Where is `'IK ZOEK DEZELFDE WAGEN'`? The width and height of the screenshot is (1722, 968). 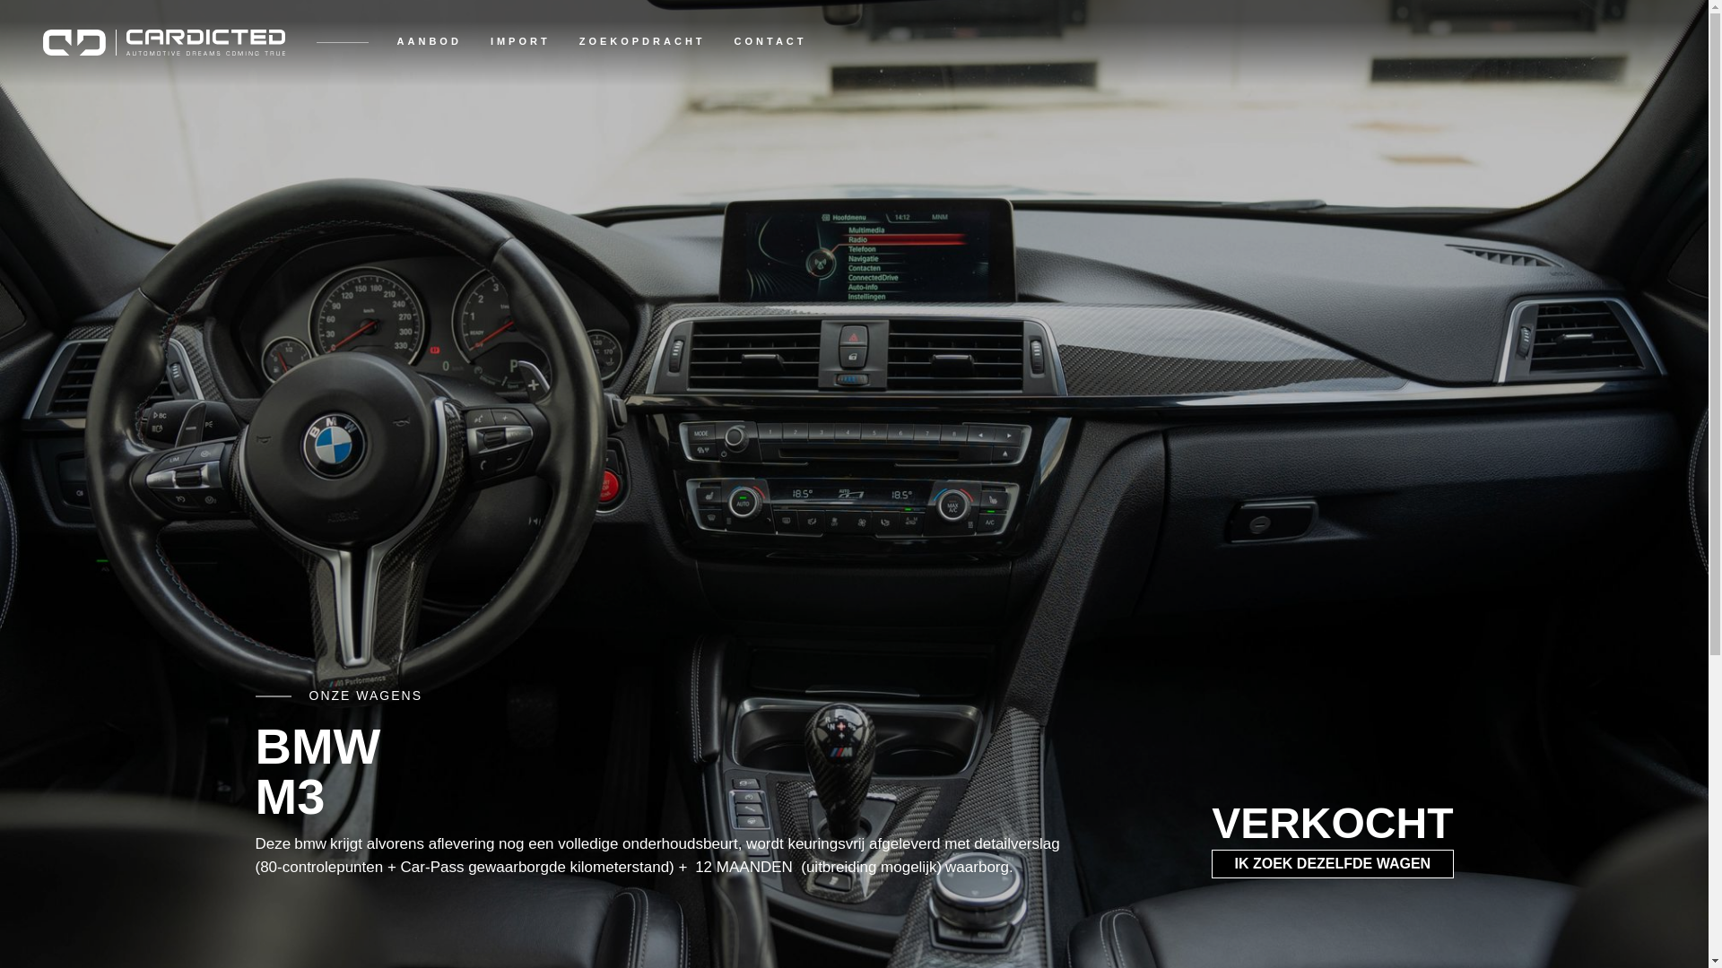 'IK ZOEK DEZELFDE WAGEN' is located at coordinates (1332, 863).